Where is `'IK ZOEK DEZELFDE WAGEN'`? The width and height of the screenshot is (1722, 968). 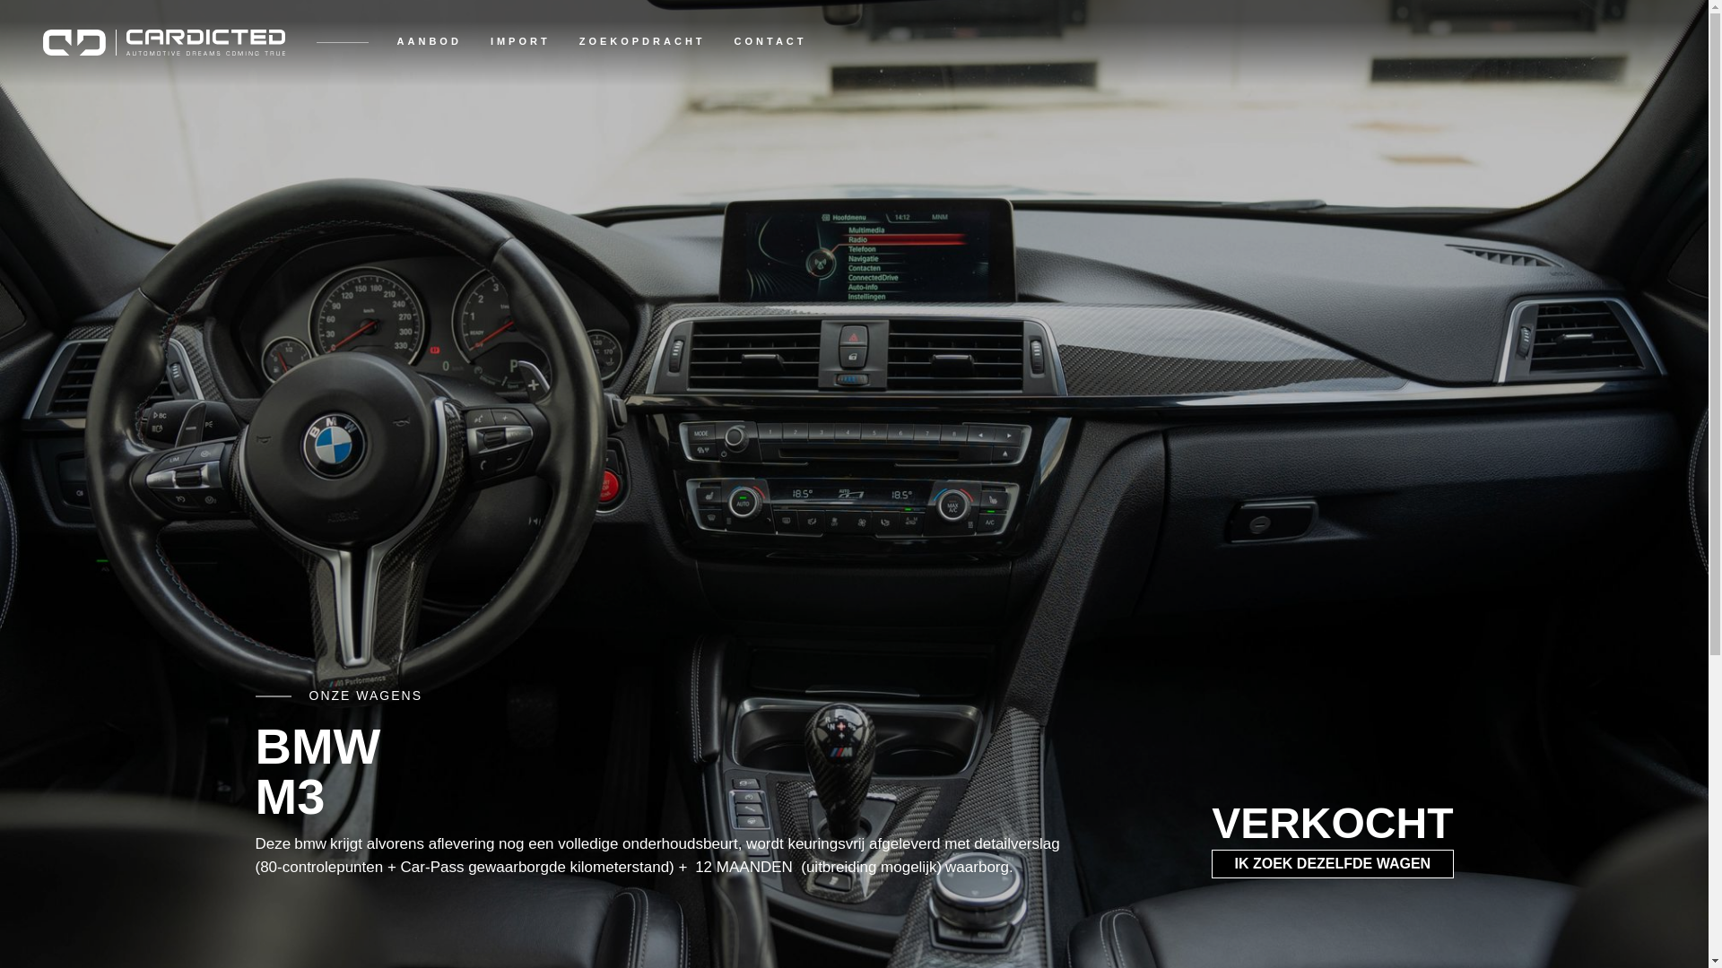 'IK ZOEK DEZELFDE WAGEN' is located at coordinates (1332, 863).